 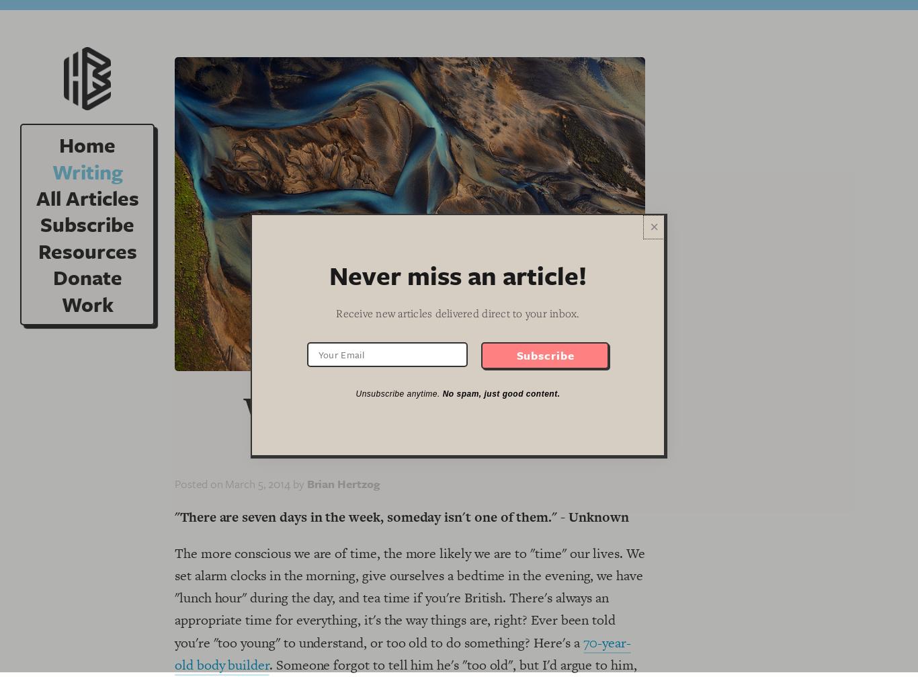 I want to click on 'Donate', so click(x=86, y=277).